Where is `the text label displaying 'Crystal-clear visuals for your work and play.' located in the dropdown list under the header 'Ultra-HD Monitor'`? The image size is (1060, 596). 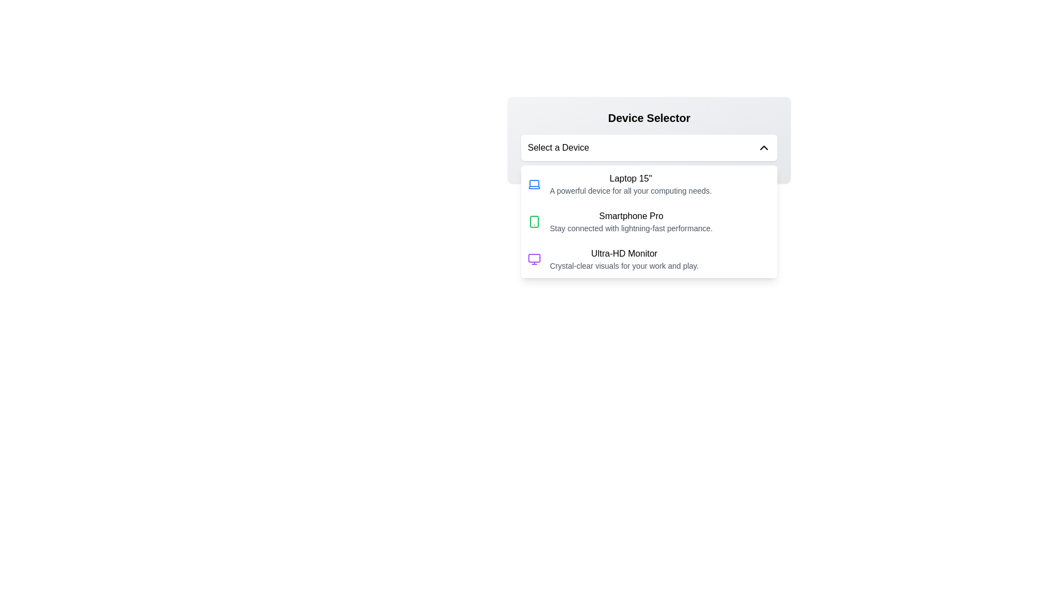 the text label displaying 'Crystal-clear visuals for your work and play.' located in the dropdown list under the header 'Ultra-HD Monitor' is located at coordinates (624, 266).